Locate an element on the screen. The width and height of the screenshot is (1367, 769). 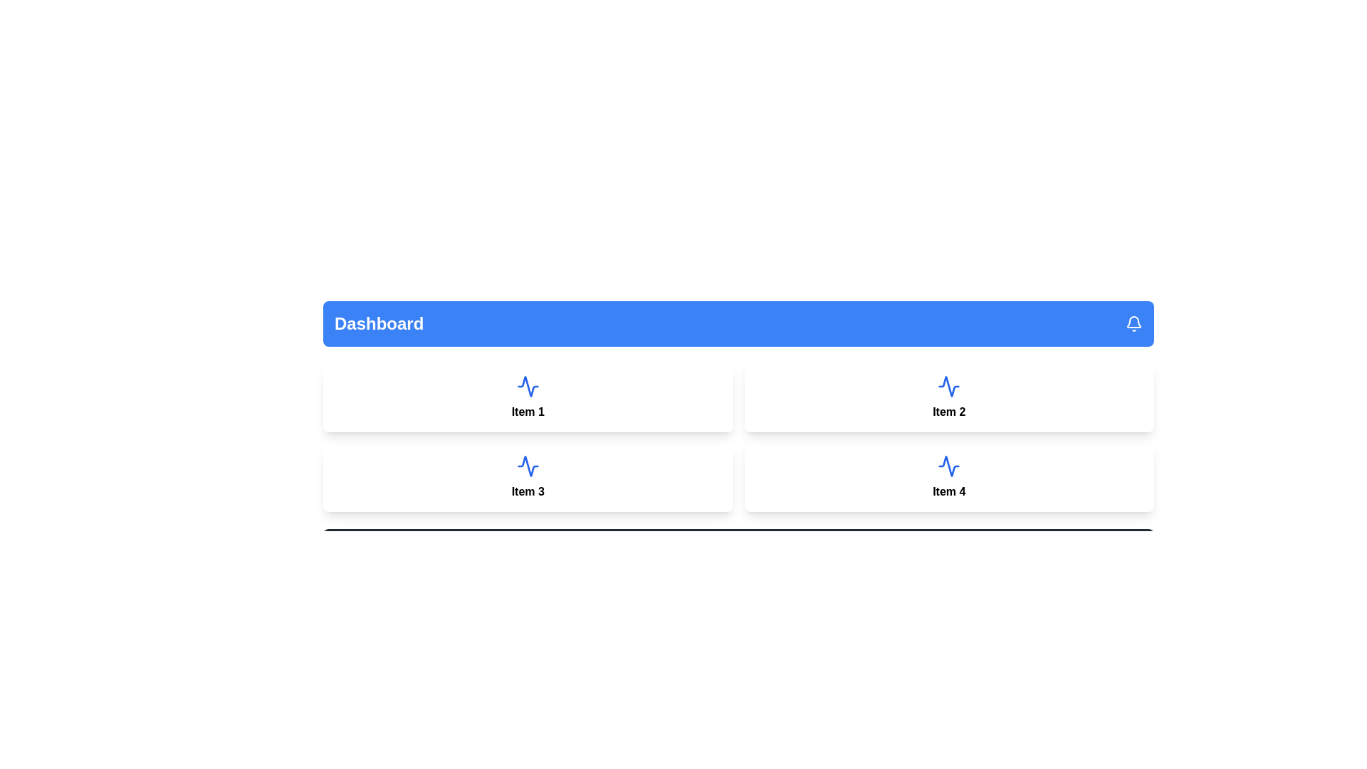
the Display card identified by the blue wave icon and the text 'Item 2', located in the second column of the top row in the grid layout is located at coordinates (949, 398).